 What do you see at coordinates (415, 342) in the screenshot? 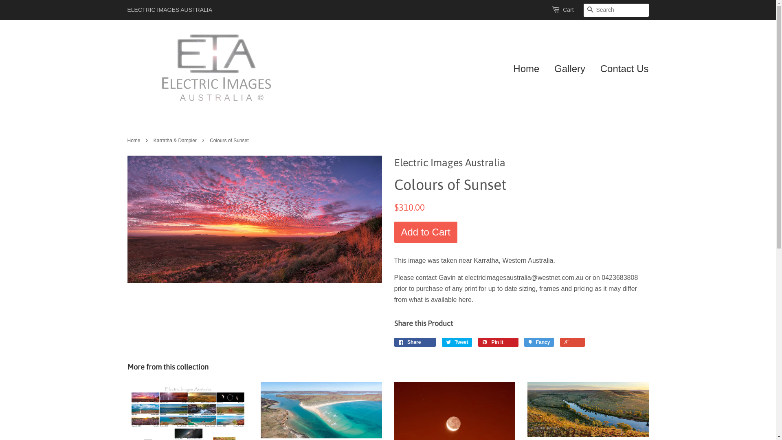
I see `'Share'` at bounding box center [415, 342].